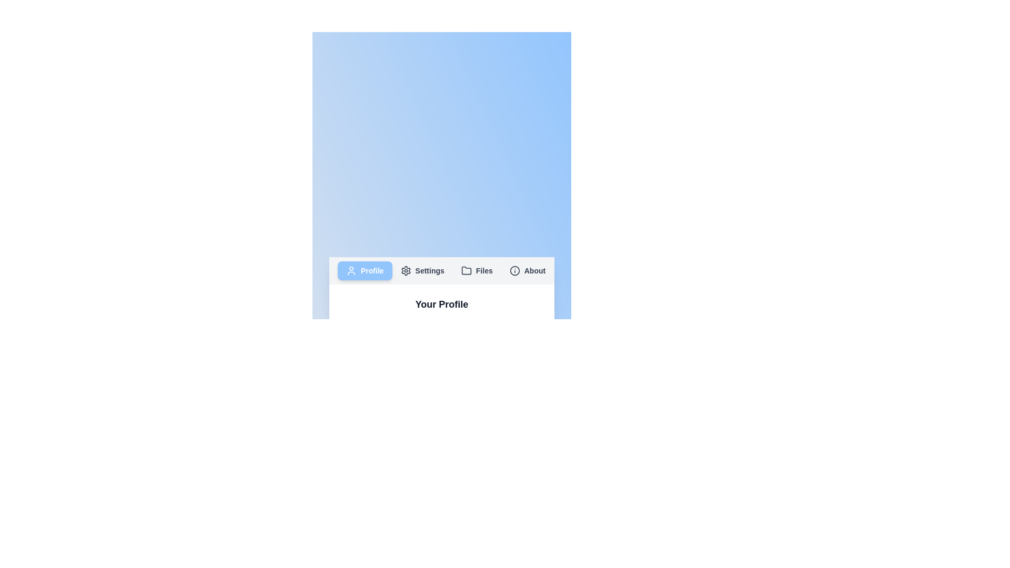 The image size is (1010, 568). I want to click on the folder icon in the top navigation bar, so click(466, 270).